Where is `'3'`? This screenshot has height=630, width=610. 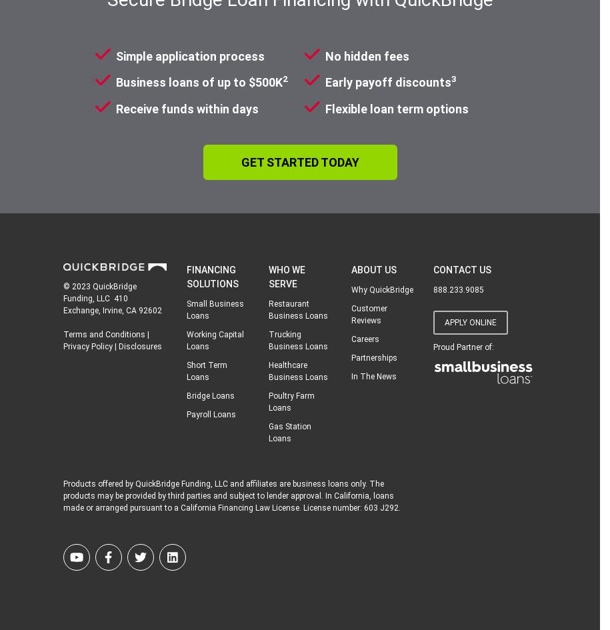
'3' is located at coordinates (453, 78).